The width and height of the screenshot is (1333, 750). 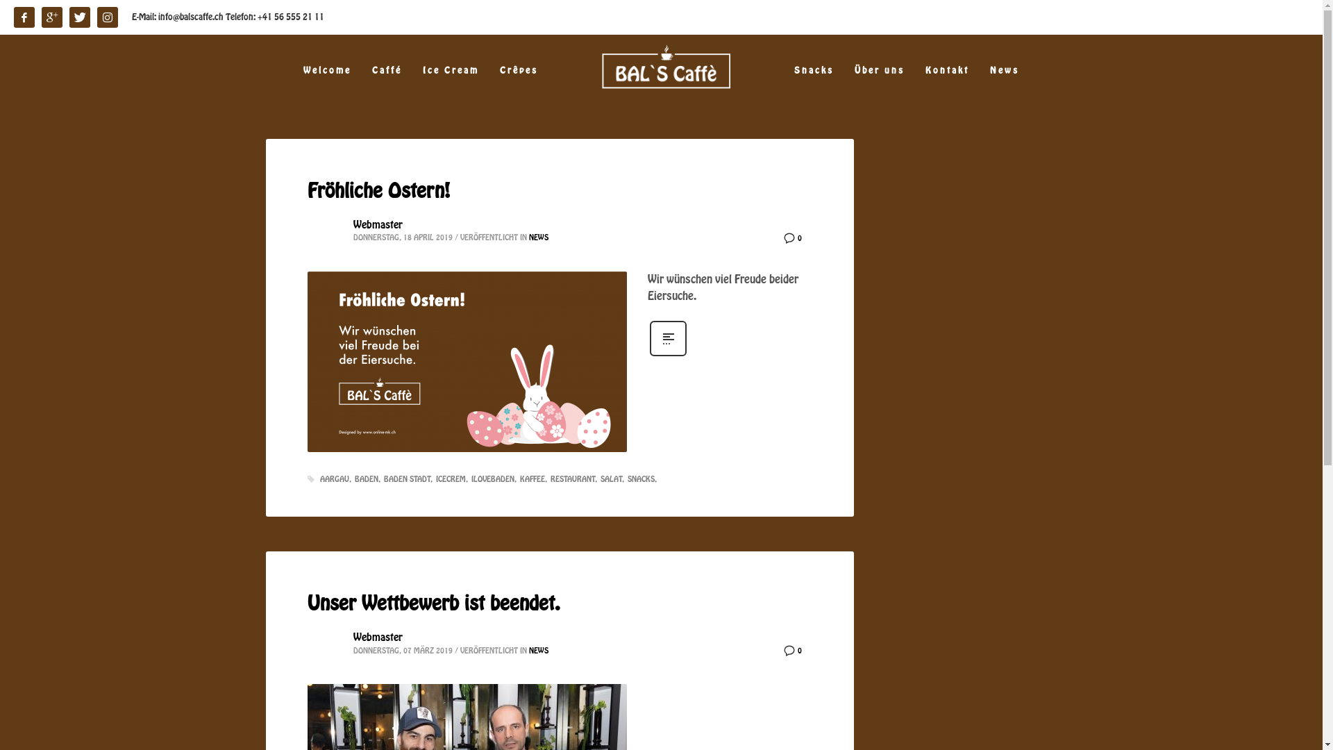 What do you see at coordinates (667, 353) in the screenshot?
I see `'Mehr erfahren'` at bounding box center [667, 353].